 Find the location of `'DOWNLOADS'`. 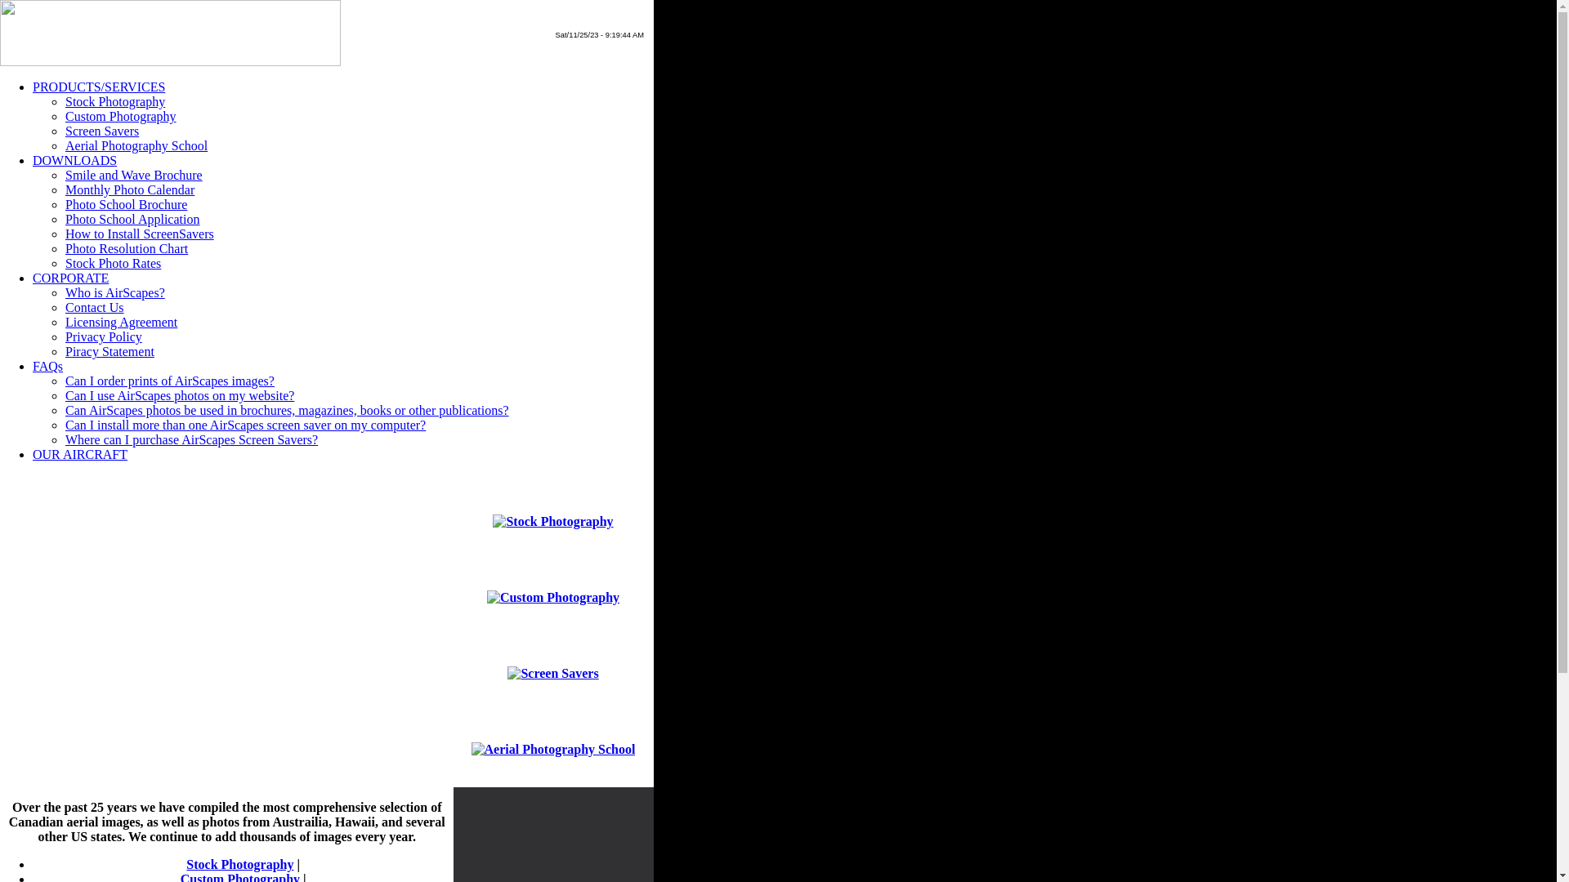

'DOWNLOADS' is located at coordinates (74, 160).